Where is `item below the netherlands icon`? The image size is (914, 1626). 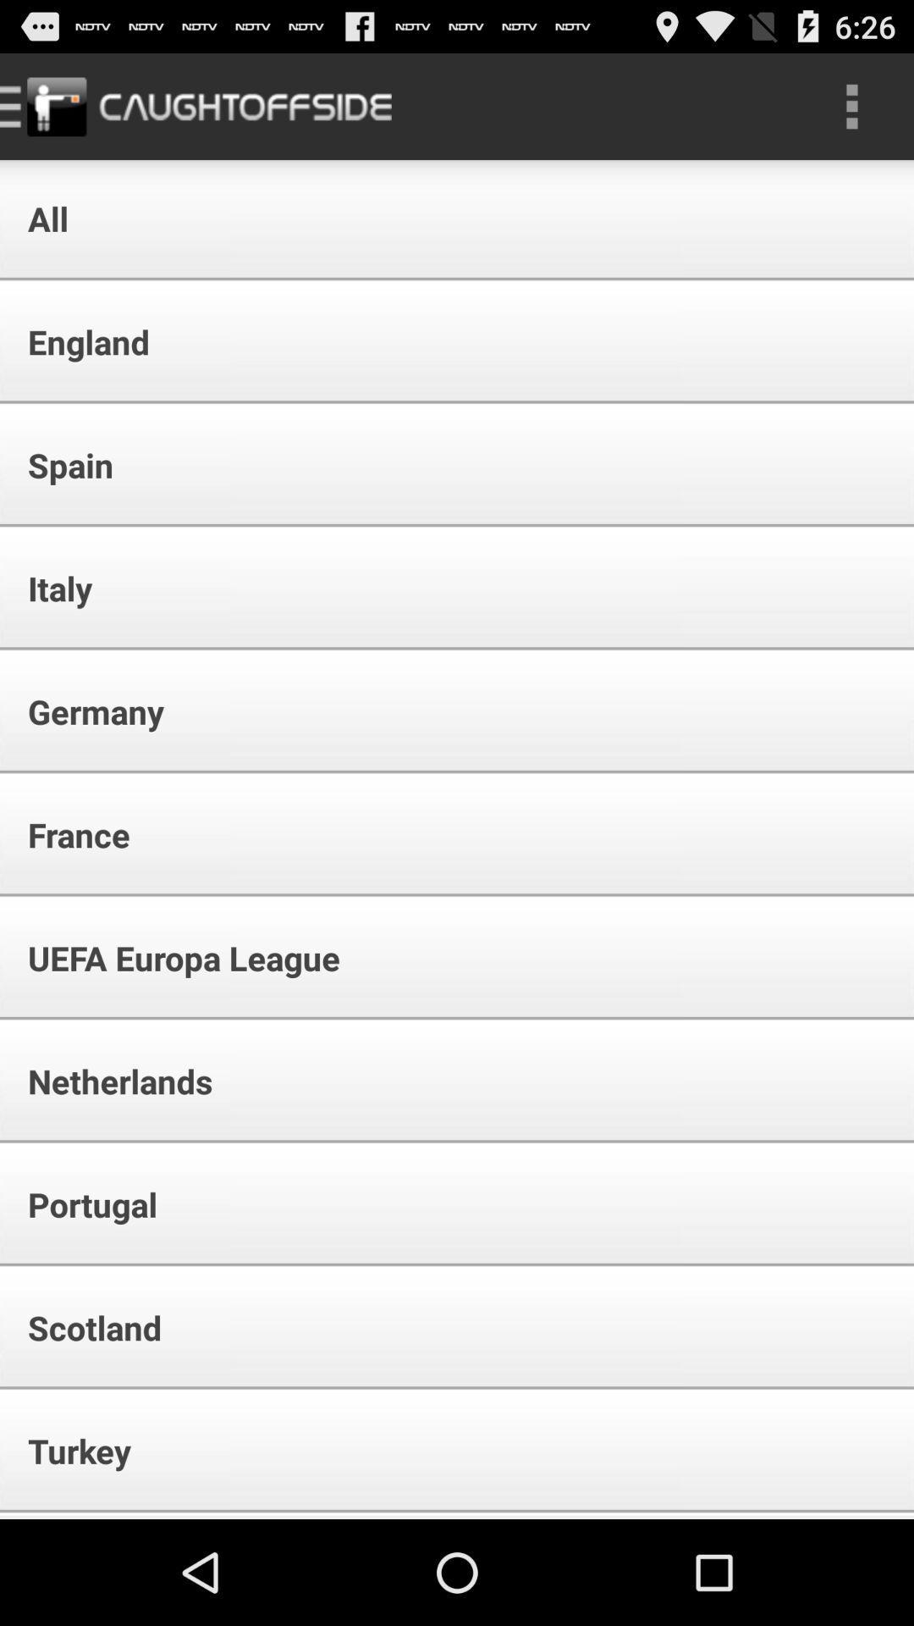
item below the netherlands icon is located at coordinates (81, 1203).